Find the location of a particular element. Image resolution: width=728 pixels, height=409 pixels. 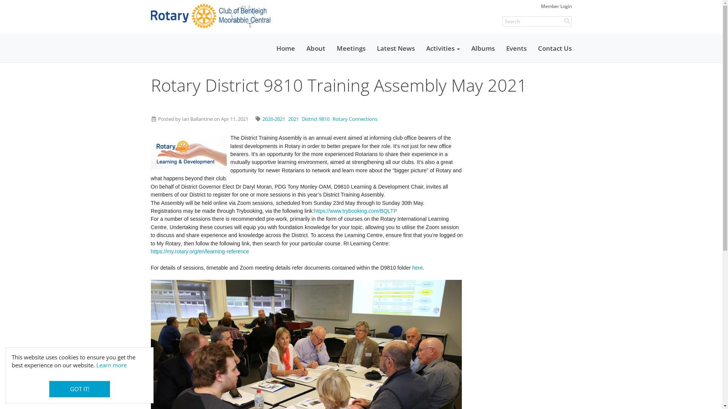

'Albums' is located at coordinates (465, 48).